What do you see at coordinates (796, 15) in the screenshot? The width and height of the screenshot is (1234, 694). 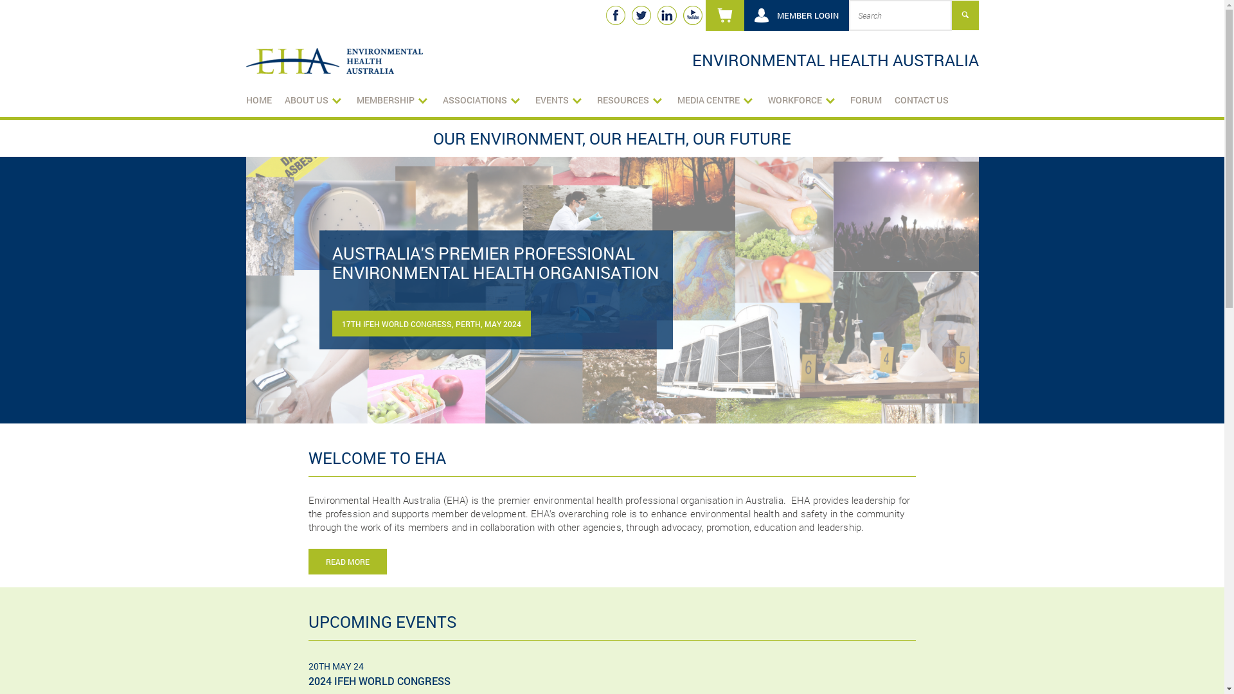 I see `'MEMBER LOGIN'` at bounding box center [796, 15].